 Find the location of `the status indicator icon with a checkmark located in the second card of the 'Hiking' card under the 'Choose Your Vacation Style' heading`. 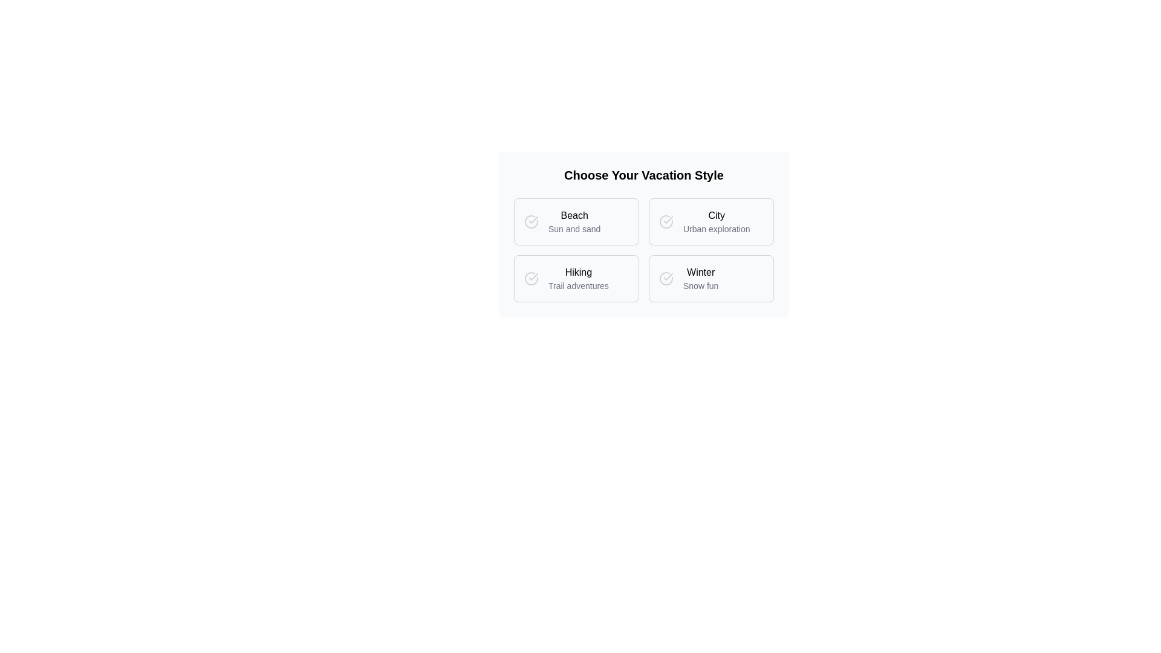

the status indicator icon with a checkmark located in the second card of the 'Hiking' card under the 'Choose Your Vacation Style' heading is located at coordinates (531, 279).